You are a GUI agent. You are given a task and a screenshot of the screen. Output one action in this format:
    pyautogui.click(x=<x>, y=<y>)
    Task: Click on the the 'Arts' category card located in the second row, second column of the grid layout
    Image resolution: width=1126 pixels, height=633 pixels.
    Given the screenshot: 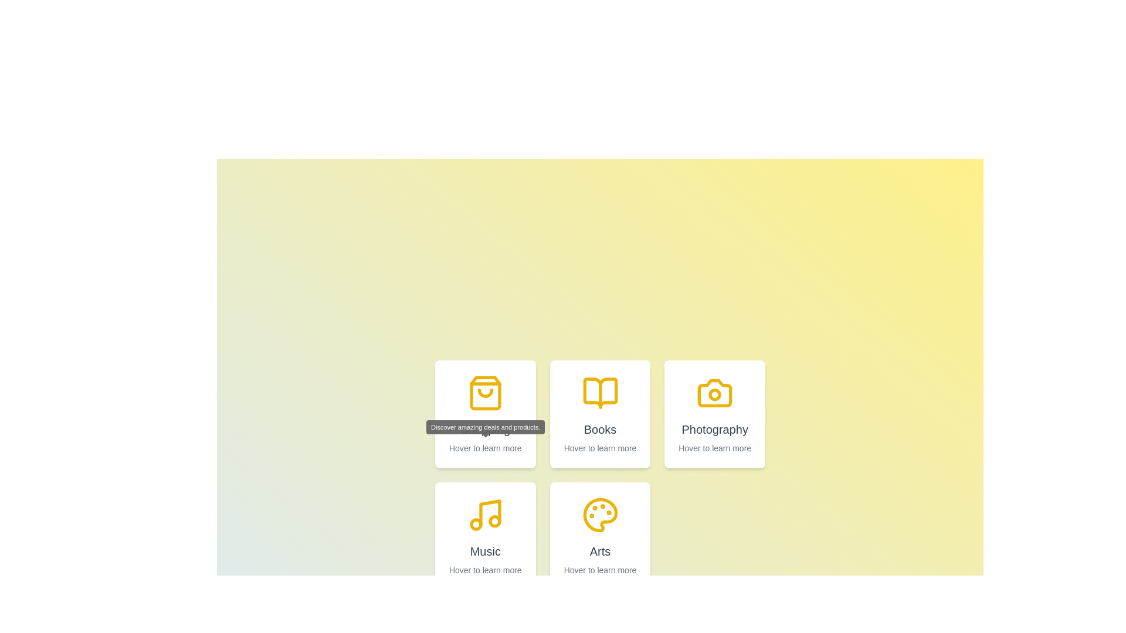 What is the action you would take?
    pyautogui.click(x=600, y=536)
    